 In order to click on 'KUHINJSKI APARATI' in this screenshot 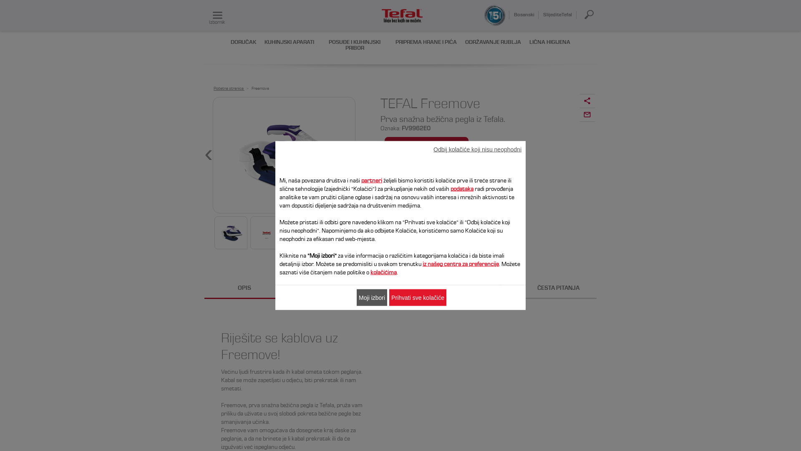, I will do `click(289, 42)`.